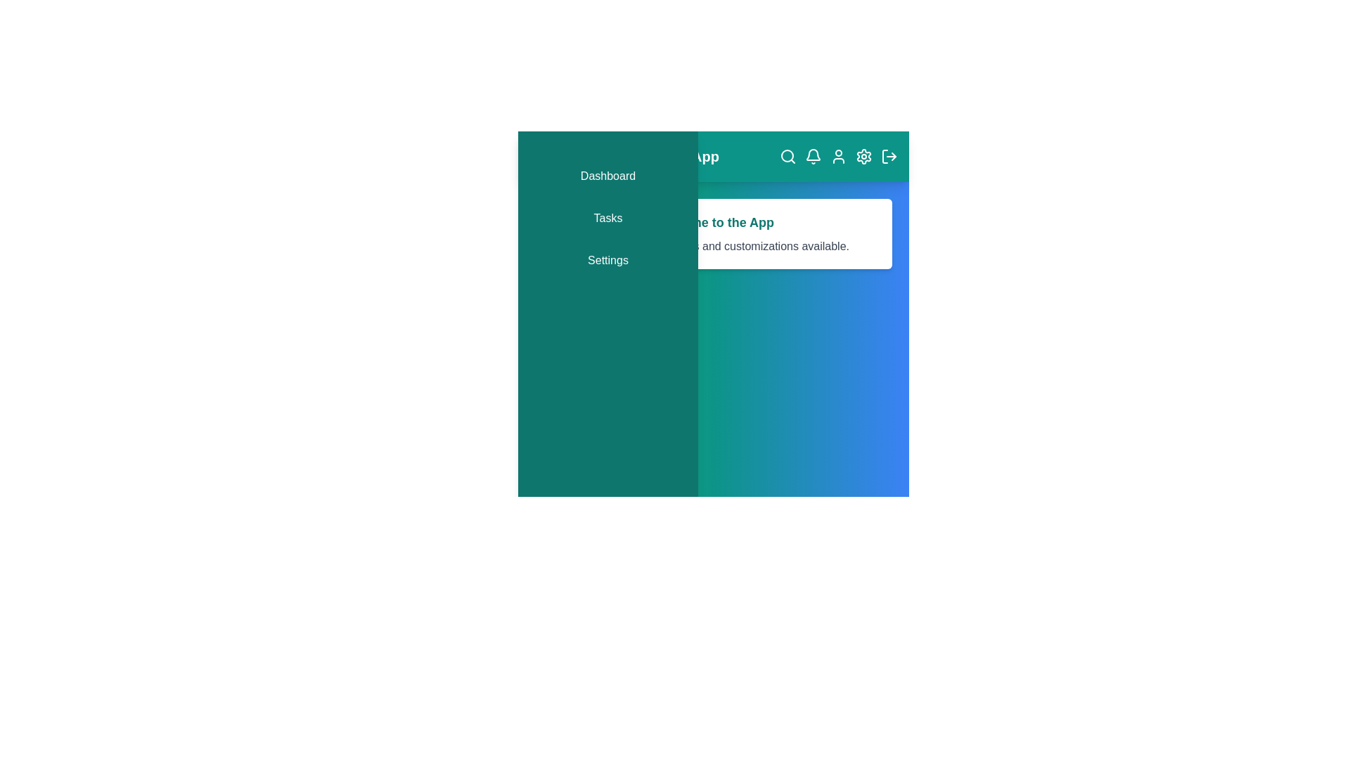 The height and width of the screenshot is (759, 1350). I want to click on the 'Settings' menu item in the navigation bar, so click(607, 260).